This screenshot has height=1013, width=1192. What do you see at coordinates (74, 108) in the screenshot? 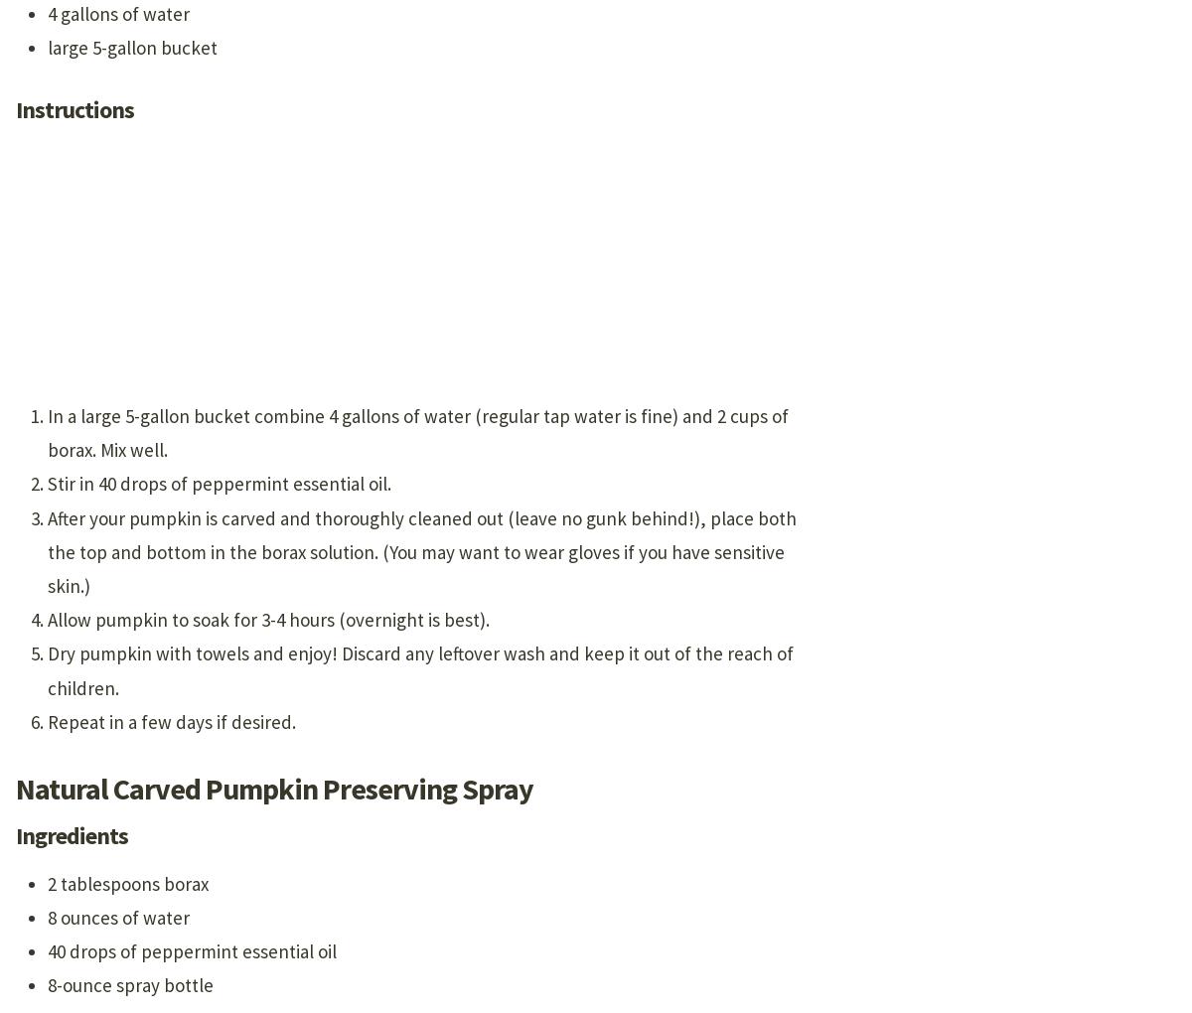
I see `'Instructions'` at bounding box center [74, 108].